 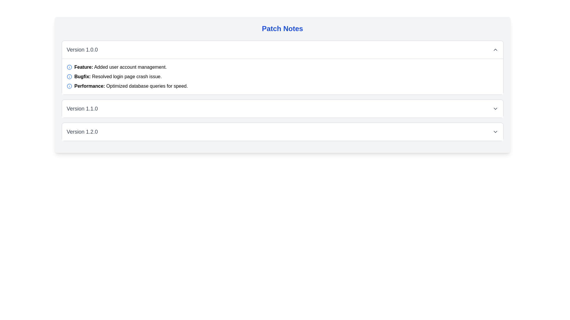 What do you see at coordinates (282, 131) in the screenshot?
I see `the third card in the vertical list, labeled 'Version 1.2.0'` at bounding box center [282, 131].